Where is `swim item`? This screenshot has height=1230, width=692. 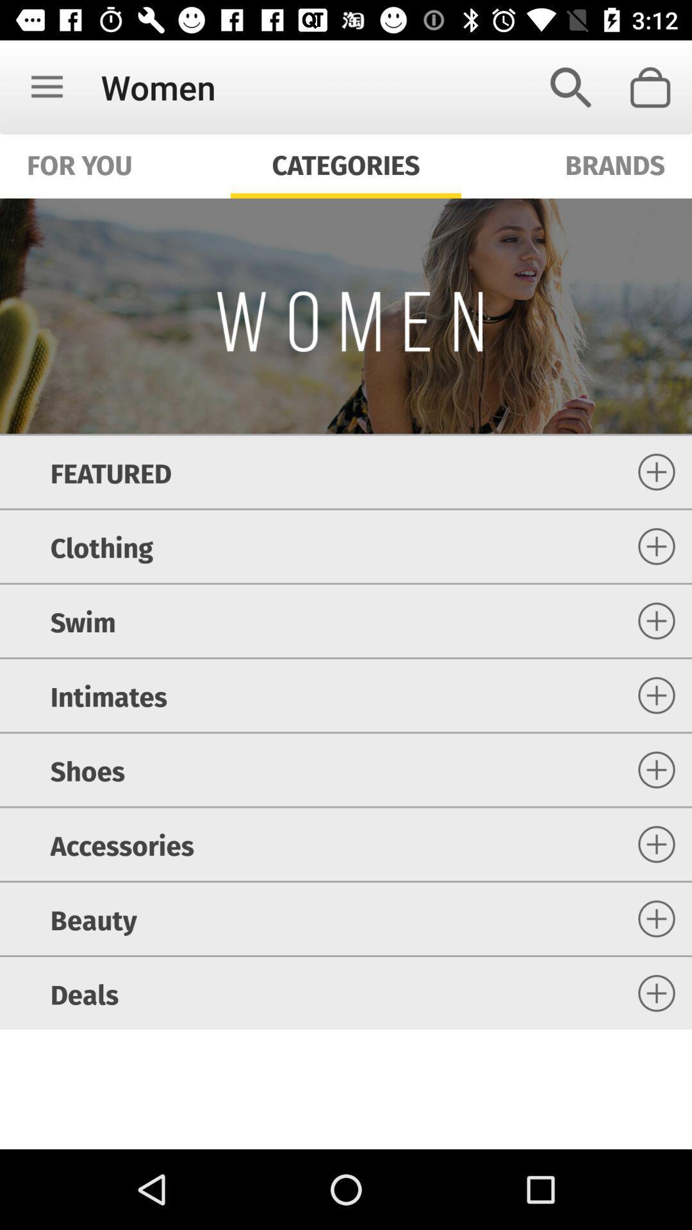 swim item is located at coordinates (83, 621).